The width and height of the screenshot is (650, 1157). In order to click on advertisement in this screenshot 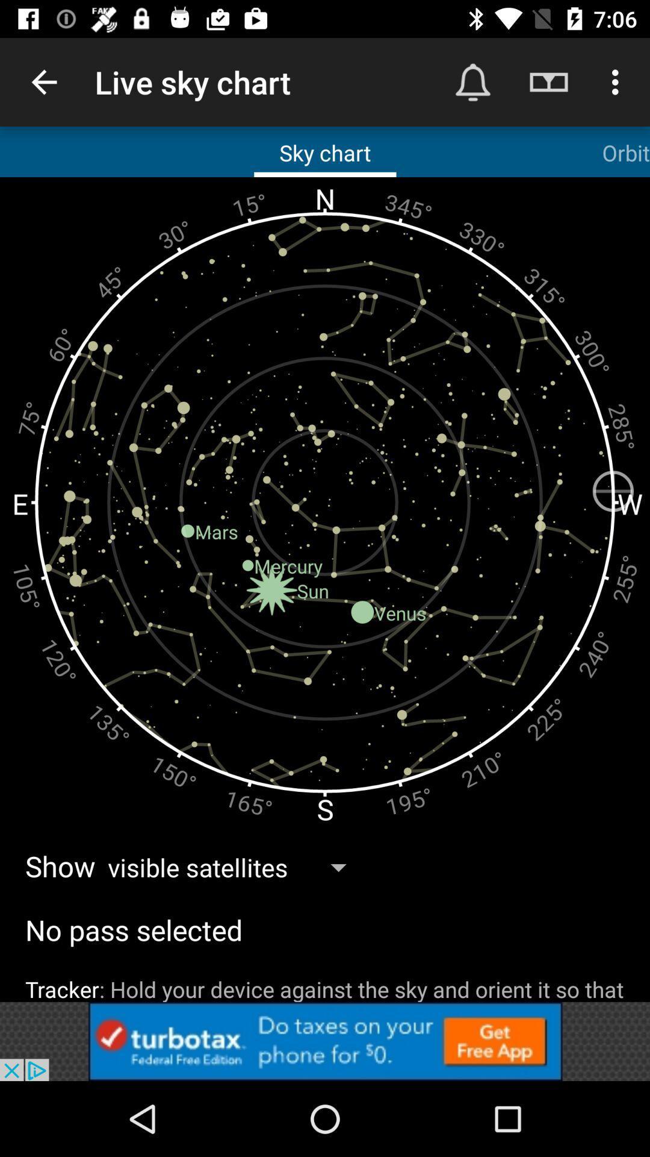, I will do `click(325, 1041)`.